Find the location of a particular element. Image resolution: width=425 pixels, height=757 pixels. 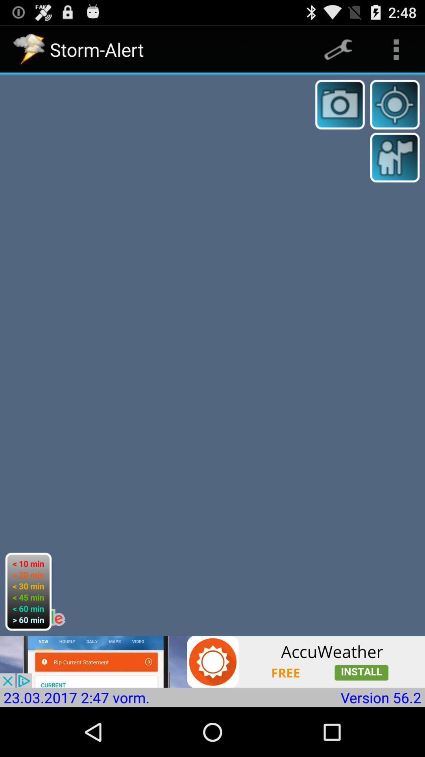

for accuweather is located at coordinates (213, 662).